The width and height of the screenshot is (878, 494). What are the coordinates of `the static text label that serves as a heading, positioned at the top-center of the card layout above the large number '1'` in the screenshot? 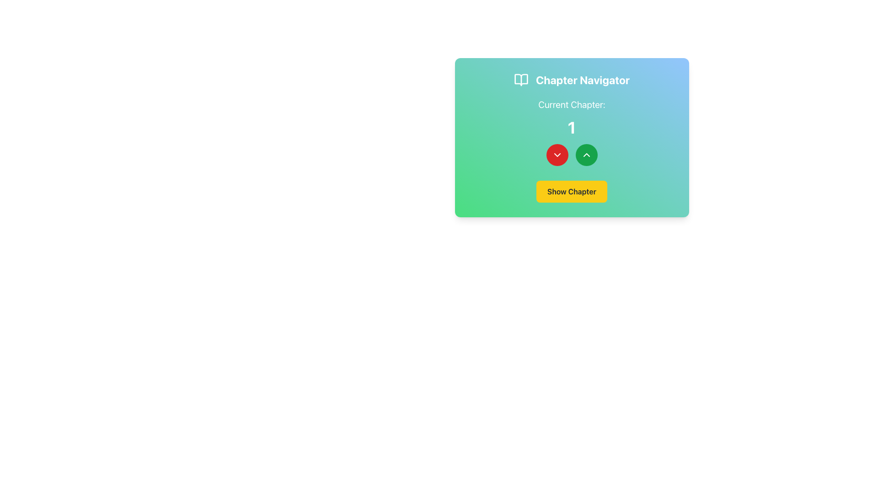 It's located at (571, 104).